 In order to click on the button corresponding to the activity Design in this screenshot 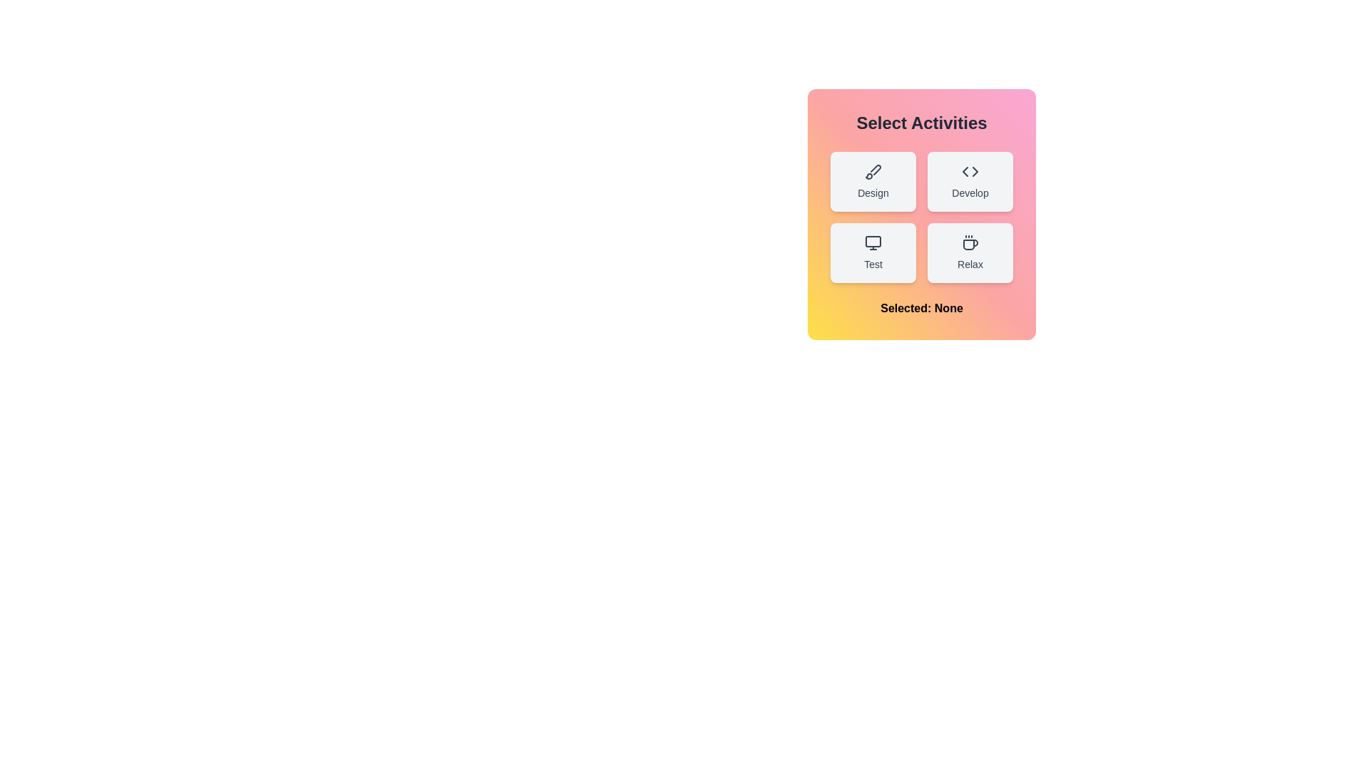, I will do `click(873, 180)`.